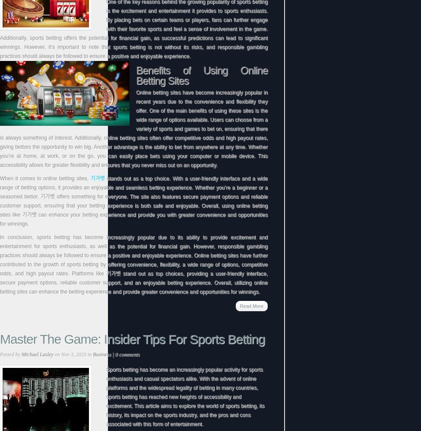 The width and height of the screenshot is (421, 431). What do you see at coordinates (127, 354) in the screenshot?
I see `'0 comments'` at bounding box center [127, 354].